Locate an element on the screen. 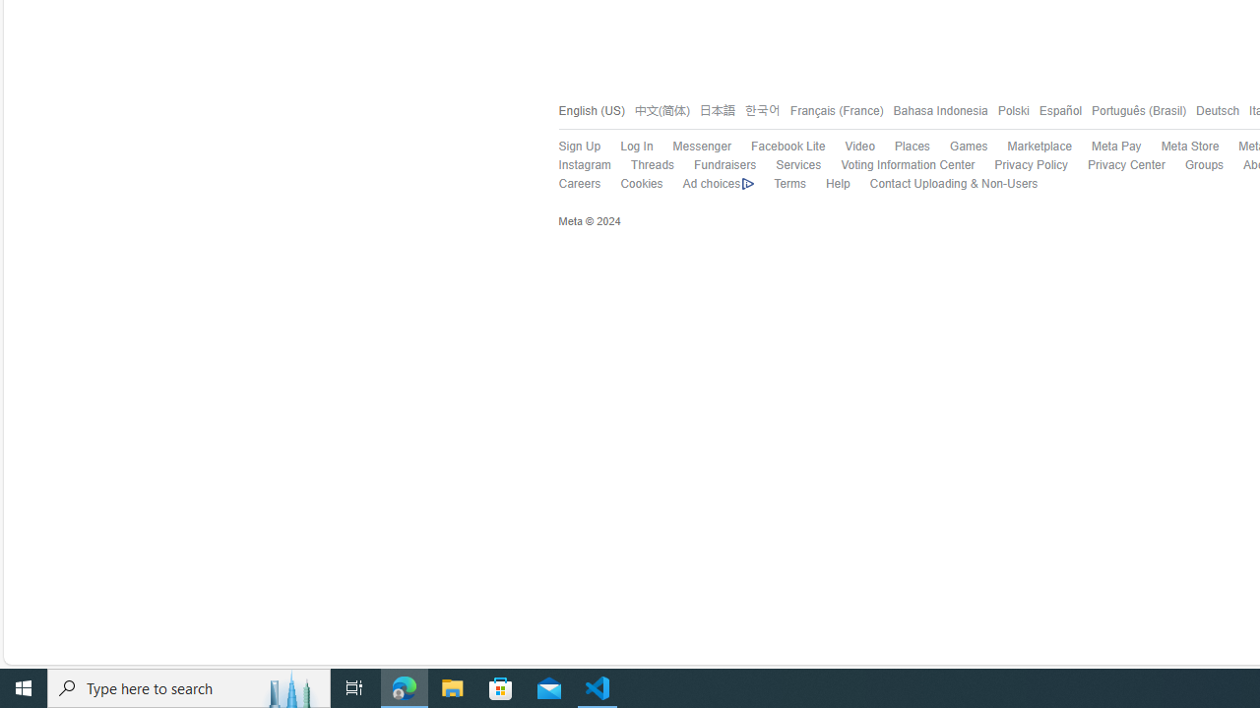 The image size is (1260, 708). 'Video' is located at coordinates (859, 146).